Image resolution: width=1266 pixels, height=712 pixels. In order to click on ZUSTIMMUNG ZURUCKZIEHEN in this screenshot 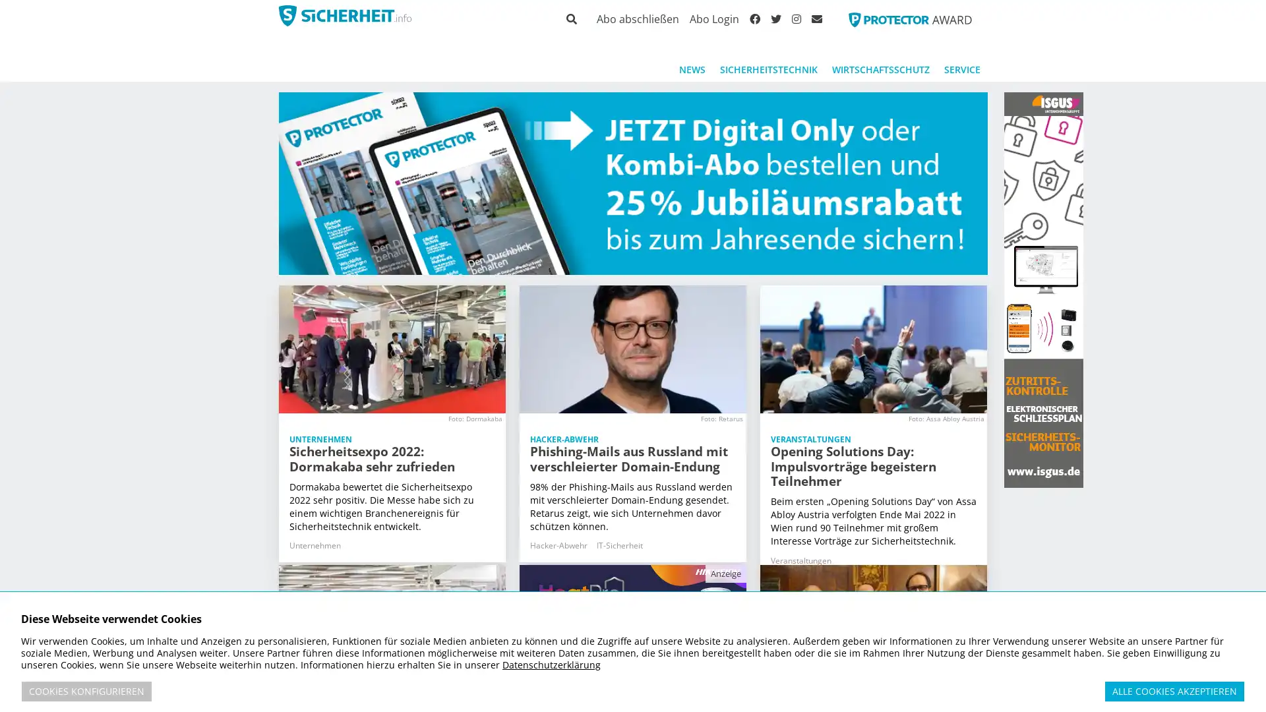, I will do `click(1252, 686)`.